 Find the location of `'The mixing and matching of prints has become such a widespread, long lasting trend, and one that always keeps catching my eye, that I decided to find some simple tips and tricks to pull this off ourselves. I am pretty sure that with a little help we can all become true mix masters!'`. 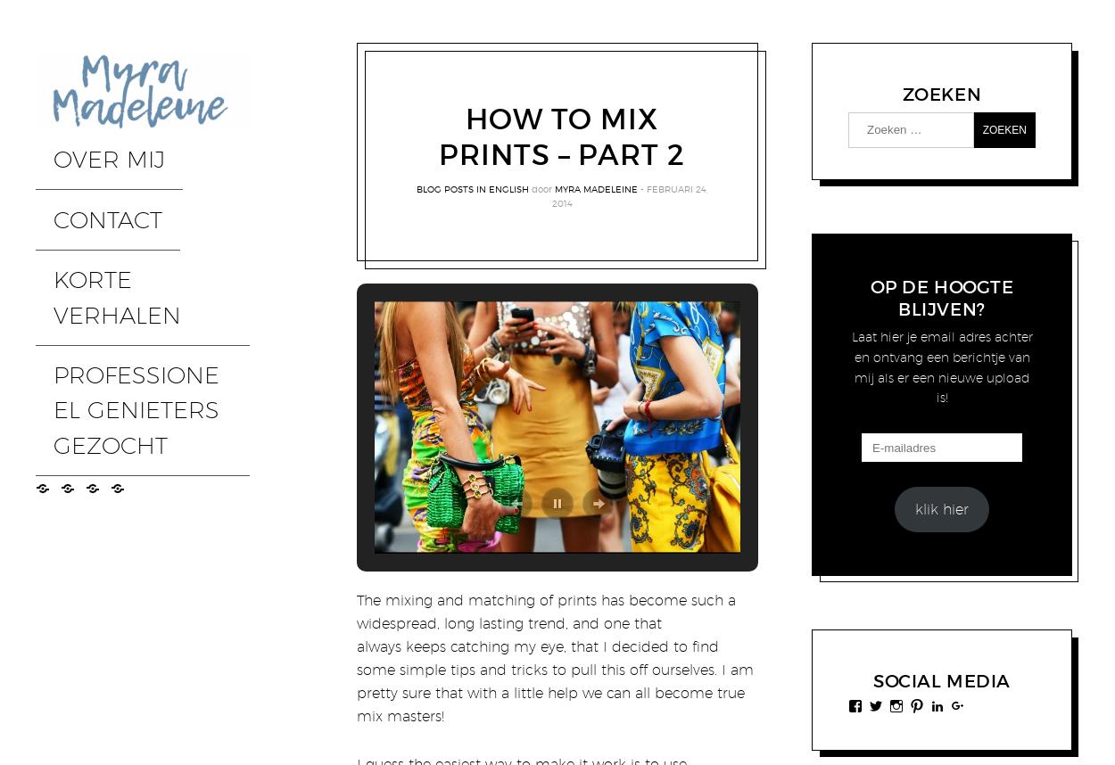

'The mixing and matching of prints has become such a widespread, long lasting trend, and one that always keeps catching my eye, that I decided to find some simple tips and tricks to pull this off ourselves. I am pretty sure that with a little help we can all become true mix masters!' is located at coordinates (554, 656).